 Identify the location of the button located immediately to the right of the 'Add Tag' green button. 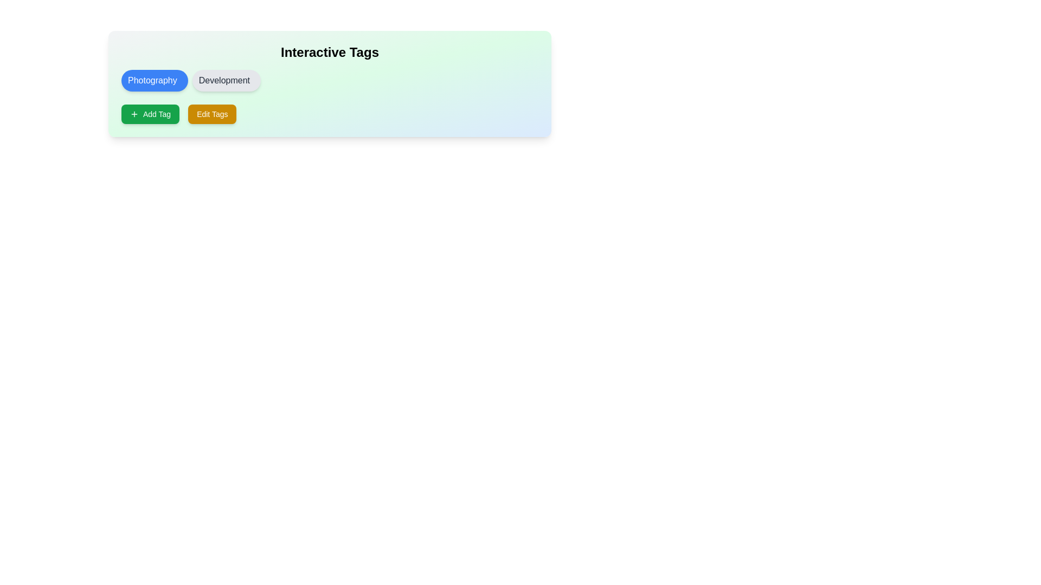
(212, 114).